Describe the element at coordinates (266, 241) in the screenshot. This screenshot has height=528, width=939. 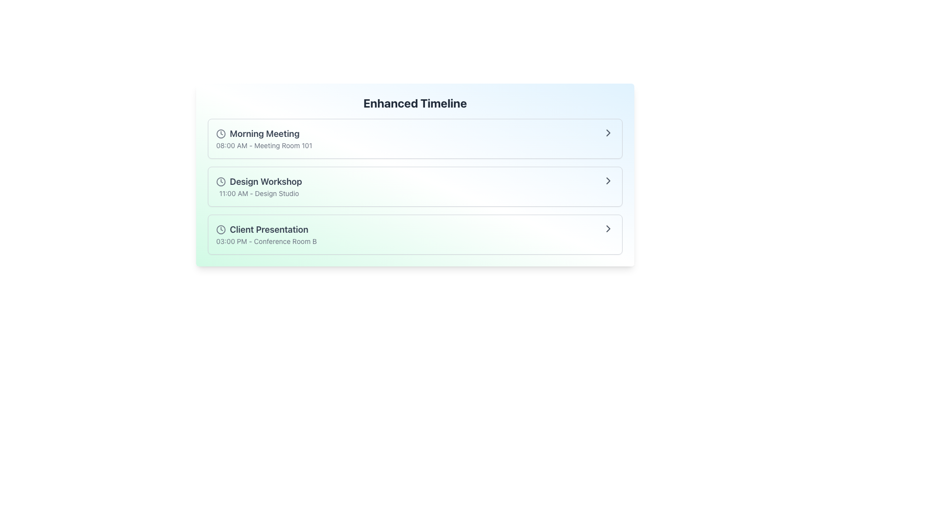
I see `the text label displaying '03:00 PM - Conference Room B' which is positioned below the 'Client Presentation' title in the scheduled event entry` at that location.